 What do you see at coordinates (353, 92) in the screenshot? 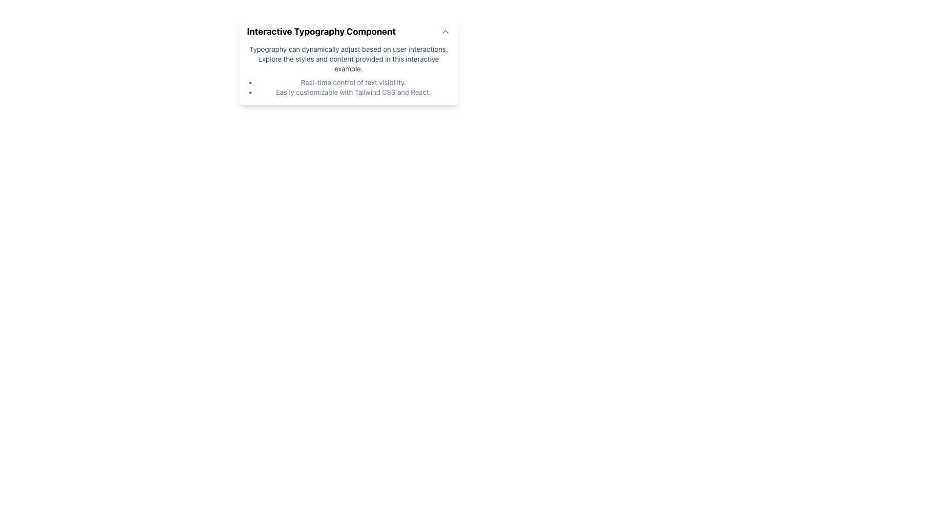
I see `descriptive text element that emphasizes the ease of customization with Tailwind CSS and React, which is the second item in a bulleted list following 'Real-time control of text visibility.'` at bounding box center [353, 92].